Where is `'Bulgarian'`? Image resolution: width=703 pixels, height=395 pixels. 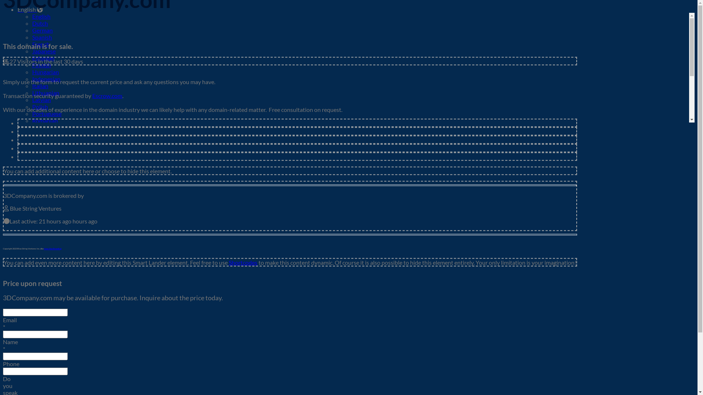 'Bulgarian' is located at coordinates (31, 176).